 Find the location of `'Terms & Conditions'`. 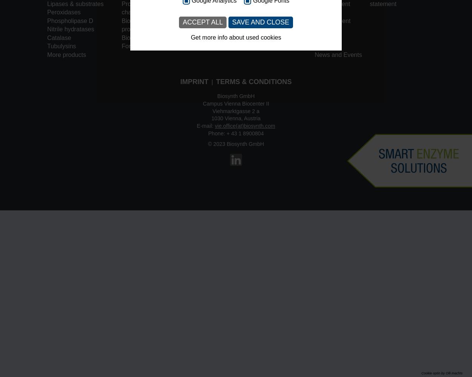

'Terms & Conditions' is located at coordinates (254, 81).